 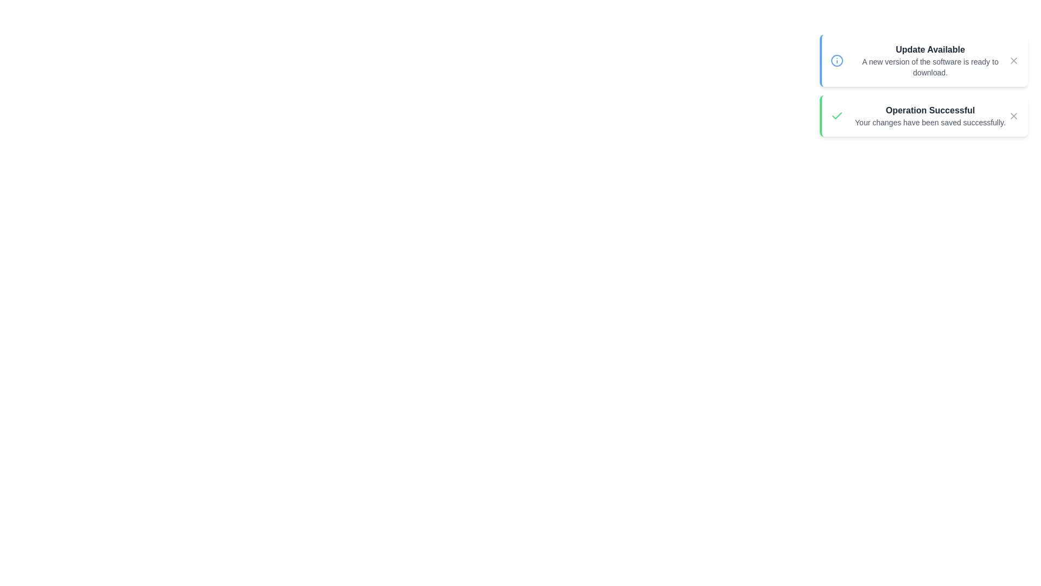 I want to click on message displayed as 'A new version of the software is ready to download.' located beneath the bold title 'Update Available' in the notification component, so click(x=930, y=67).